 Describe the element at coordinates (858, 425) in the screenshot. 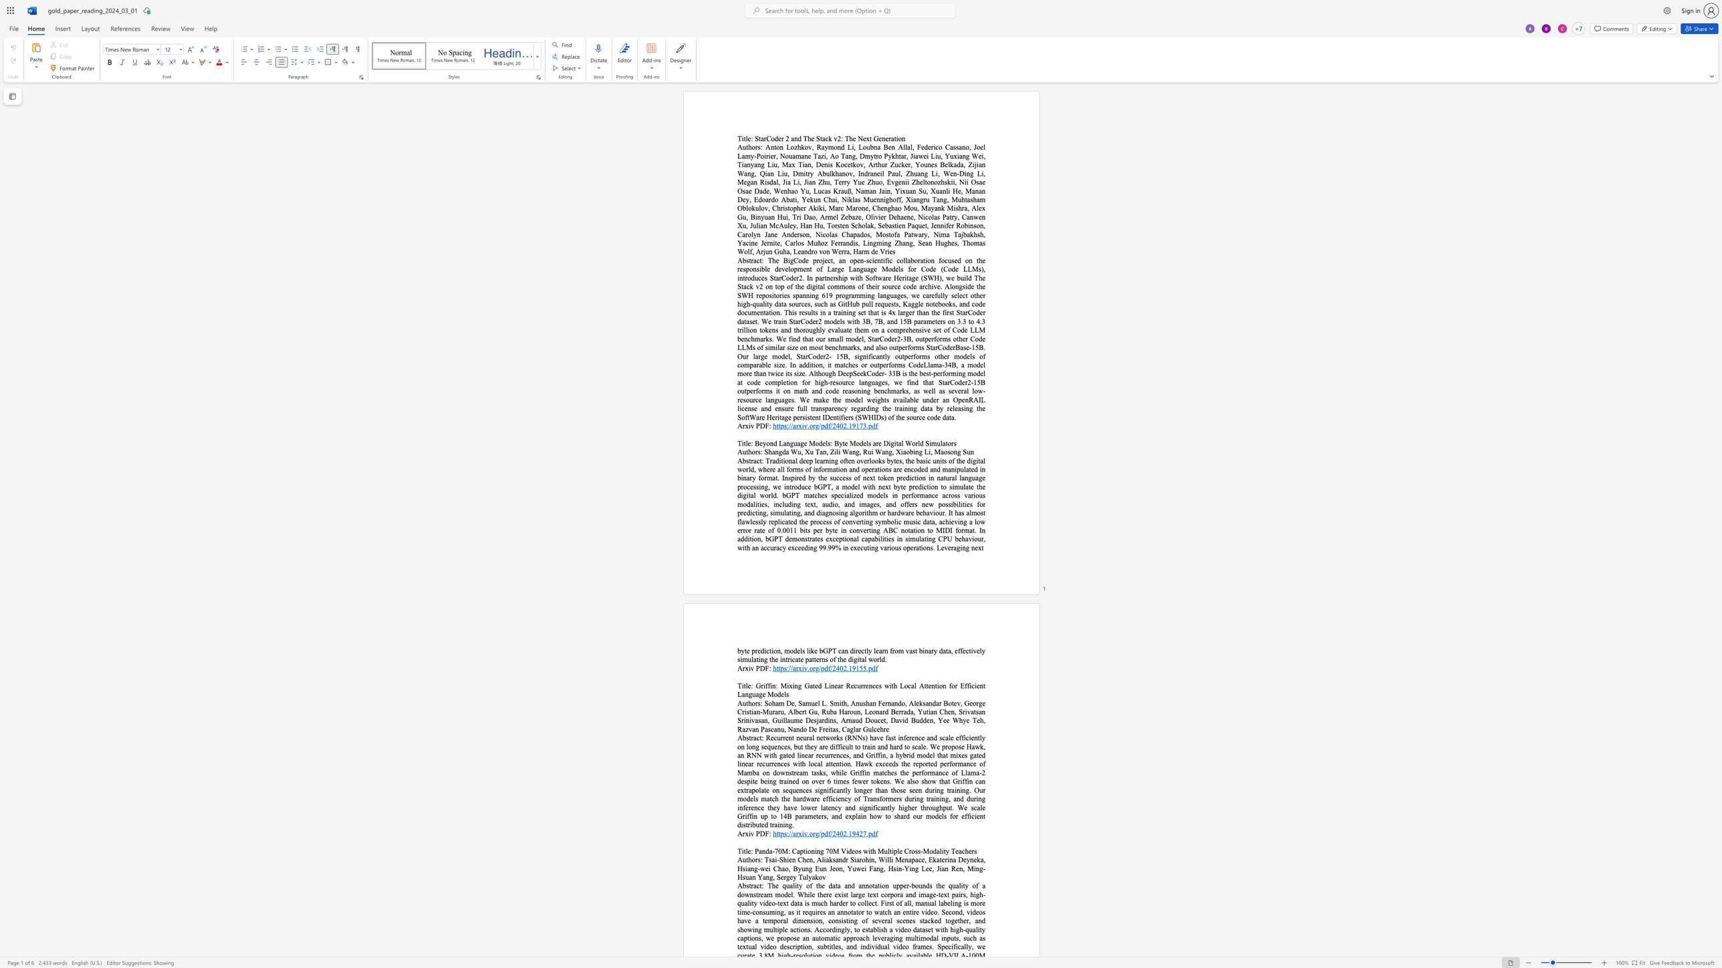

I see `the space between the continuous character "1" and "7" in the text` at that location.